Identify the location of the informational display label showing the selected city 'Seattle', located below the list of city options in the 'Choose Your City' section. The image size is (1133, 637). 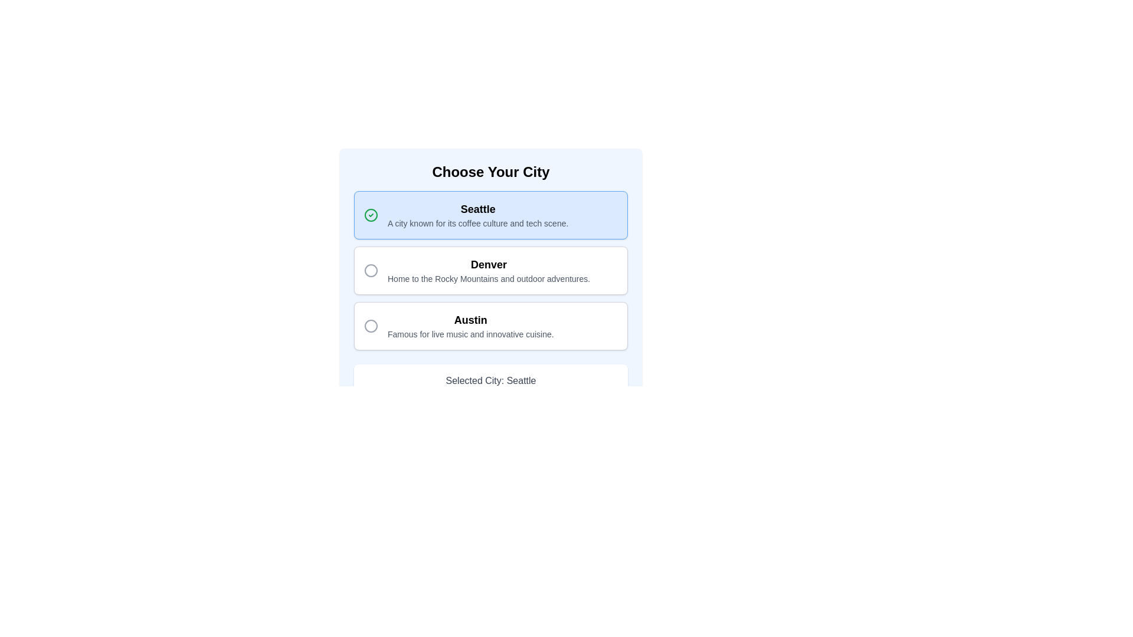
(490, 380).